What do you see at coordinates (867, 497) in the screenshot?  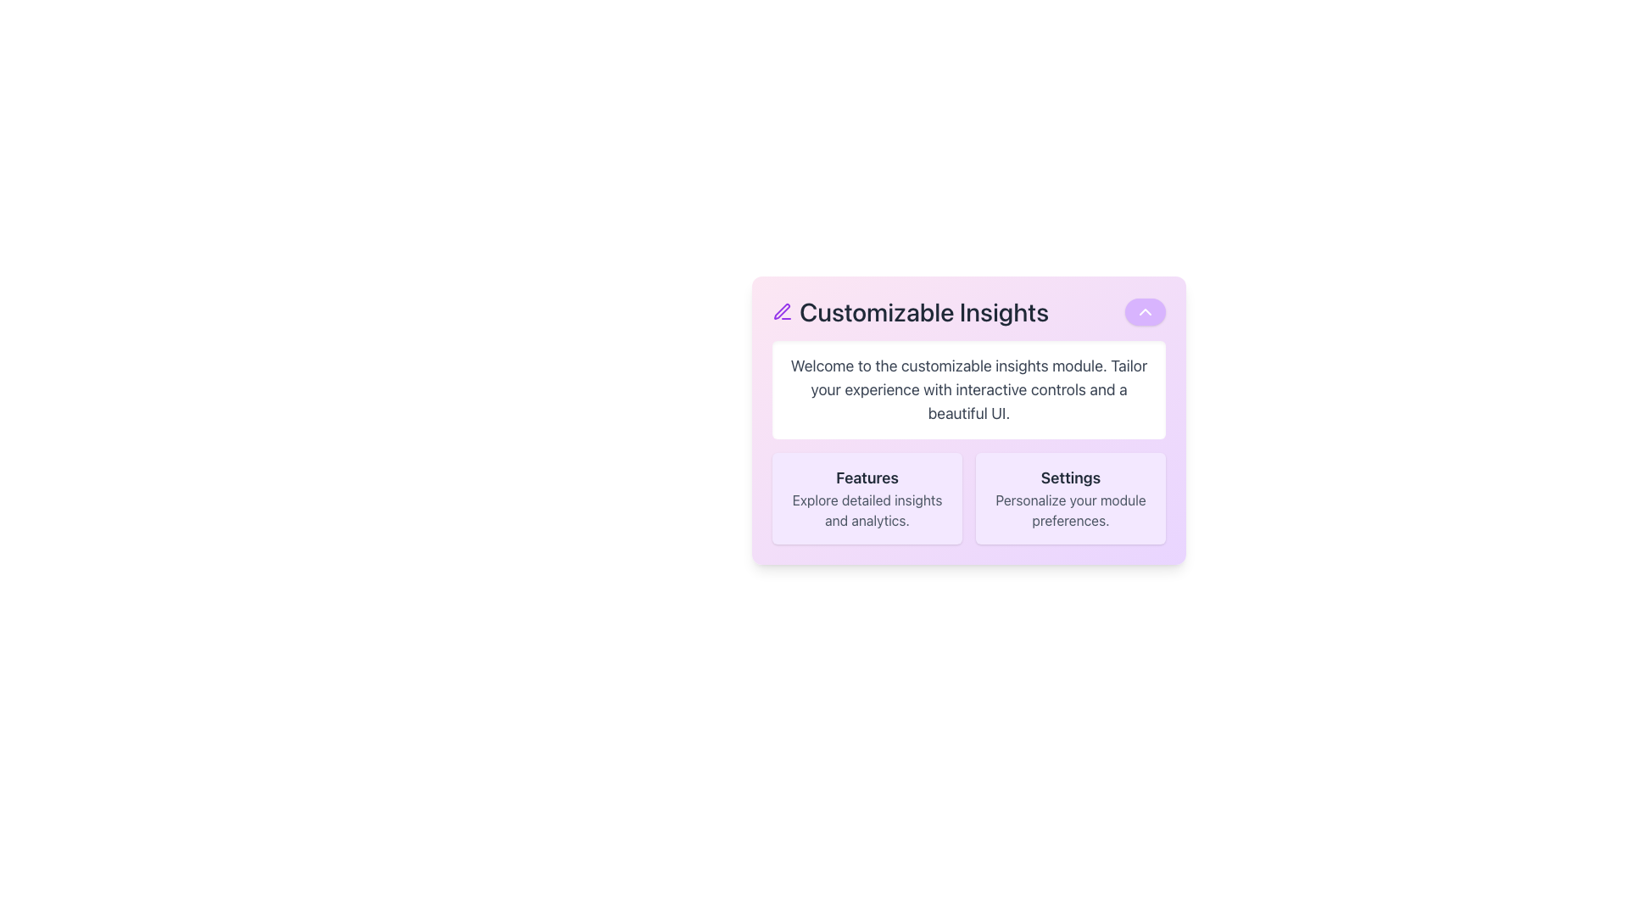 I see `the informational card labeled 'Features' located in the lower left corner of the grid layout, which presents details about a feature or topic` at bounding box center [867, 497].